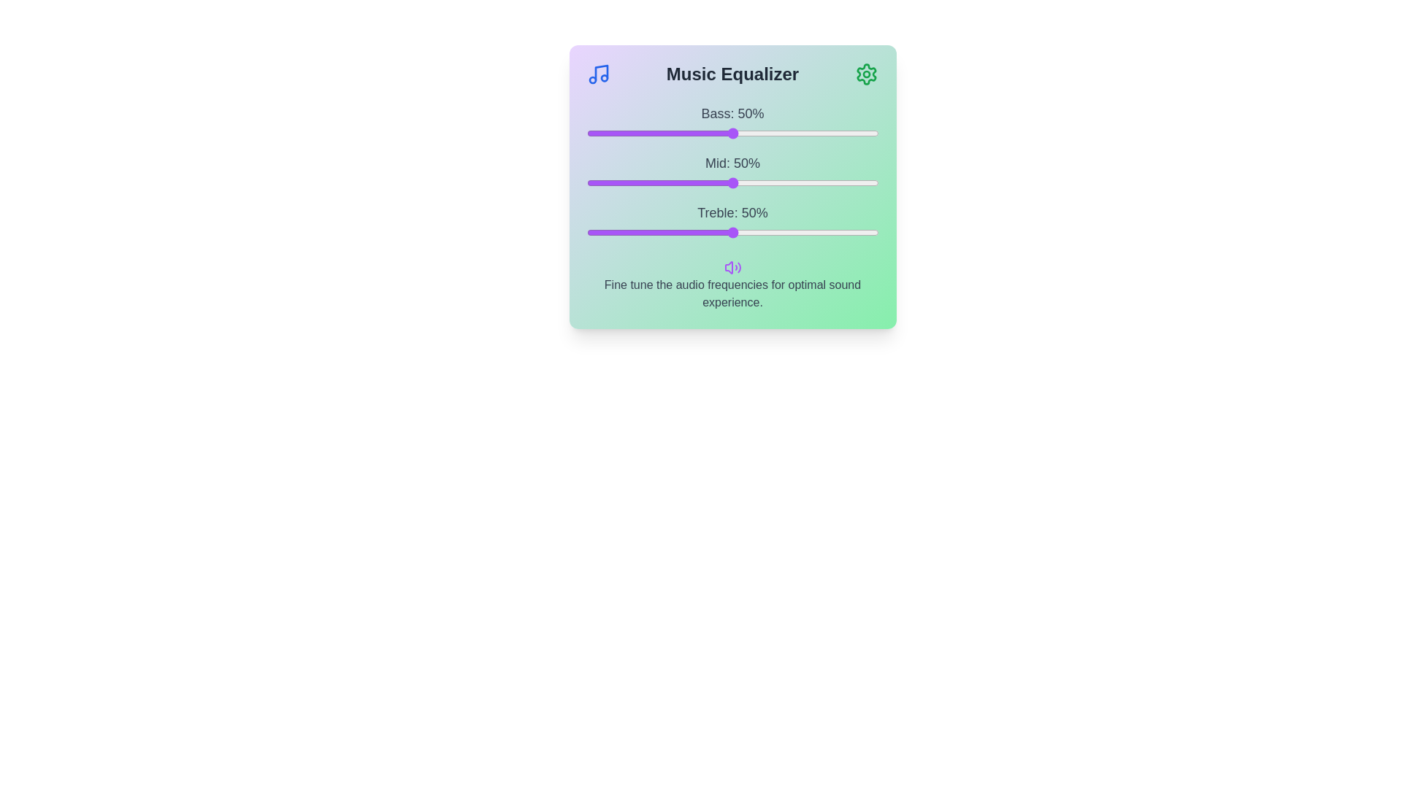  What do you see at coordinates (849, 182) in the screenshot?
I see `the mid frequency slider to 90%` at bounding box center [849, 182].